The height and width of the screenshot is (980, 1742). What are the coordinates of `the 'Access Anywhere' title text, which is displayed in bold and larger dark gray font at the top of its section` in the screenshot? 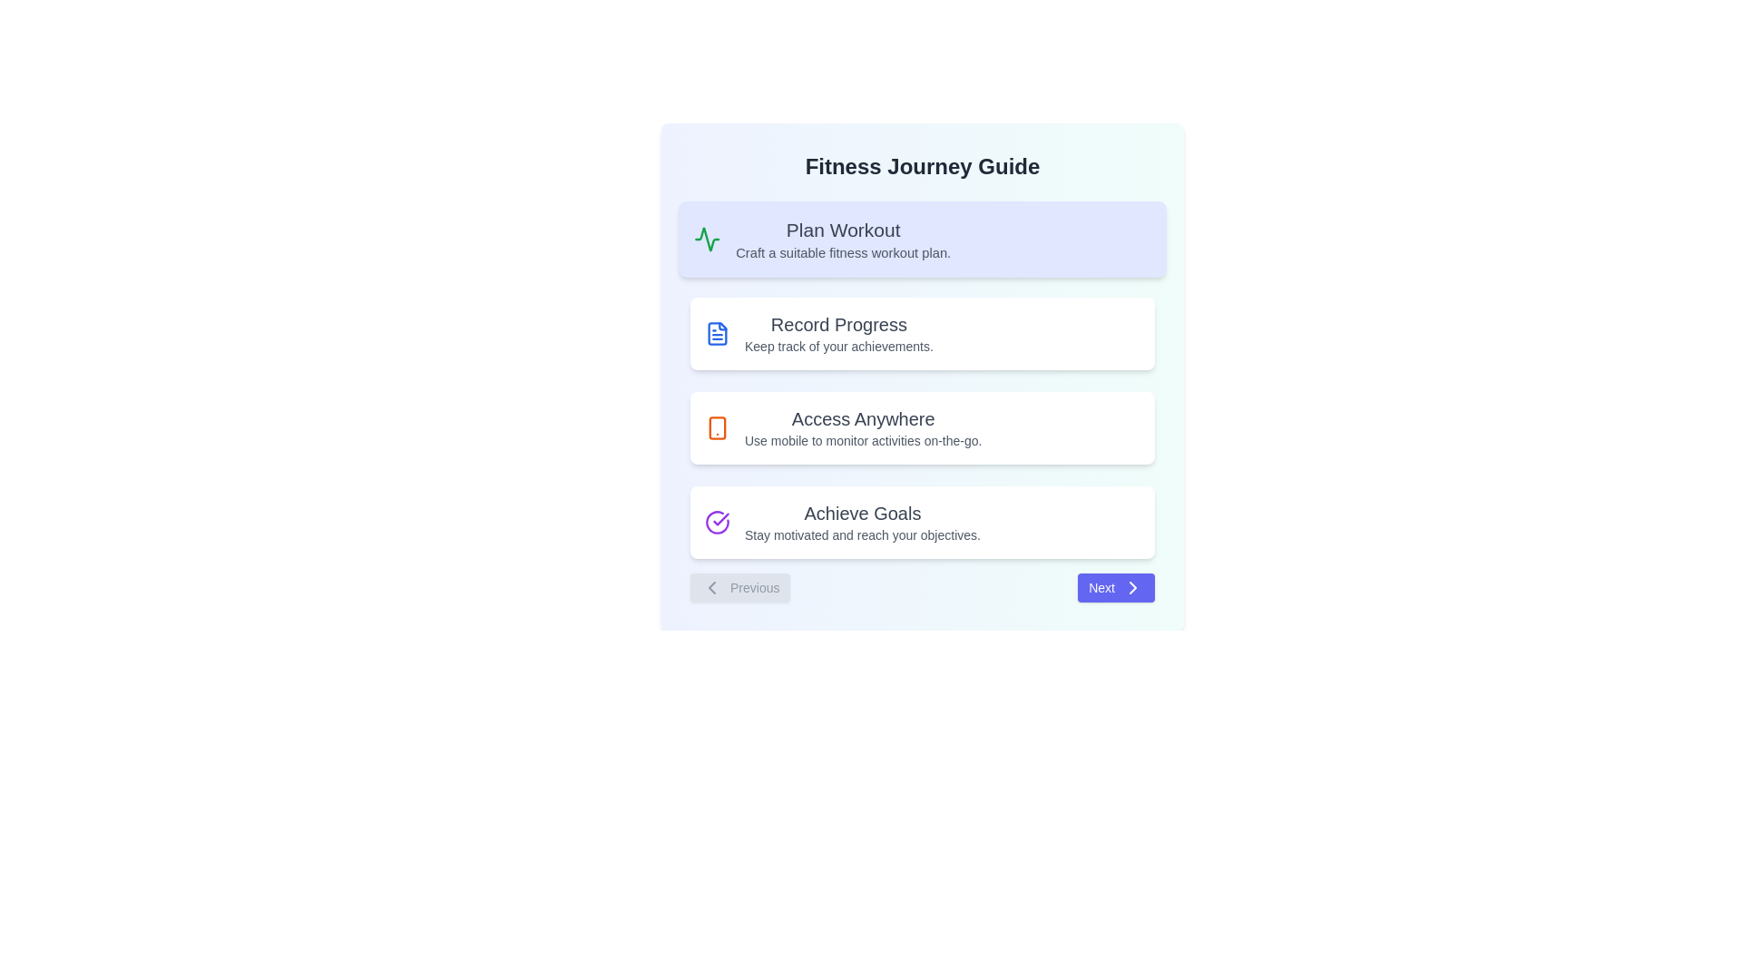 It's located at (862, 419).